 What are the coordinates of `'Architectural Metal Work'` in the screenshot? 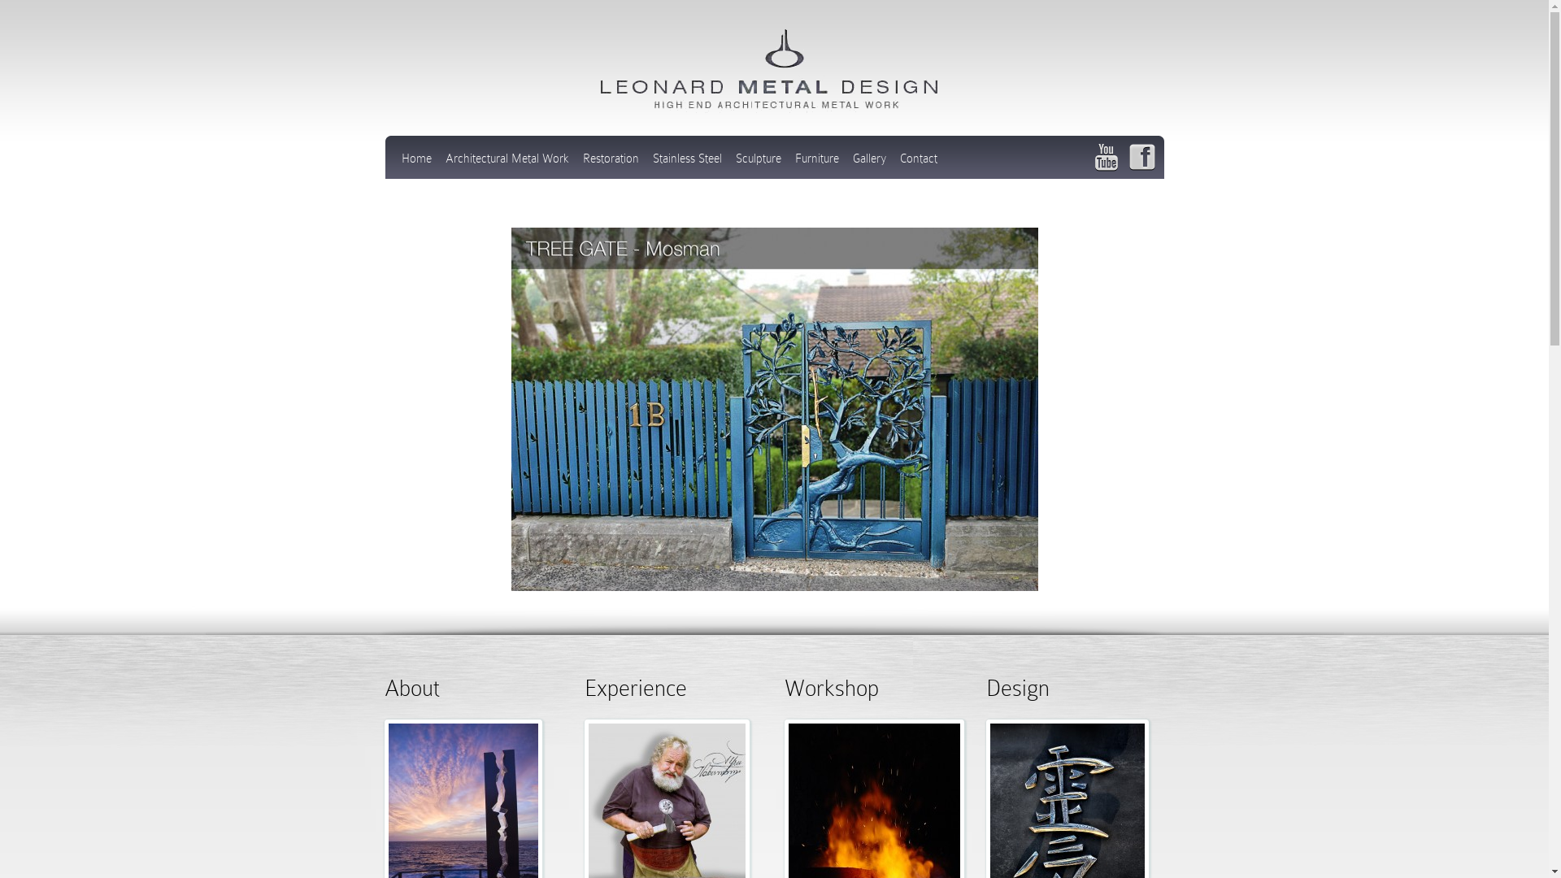 It's located at (445, 163).